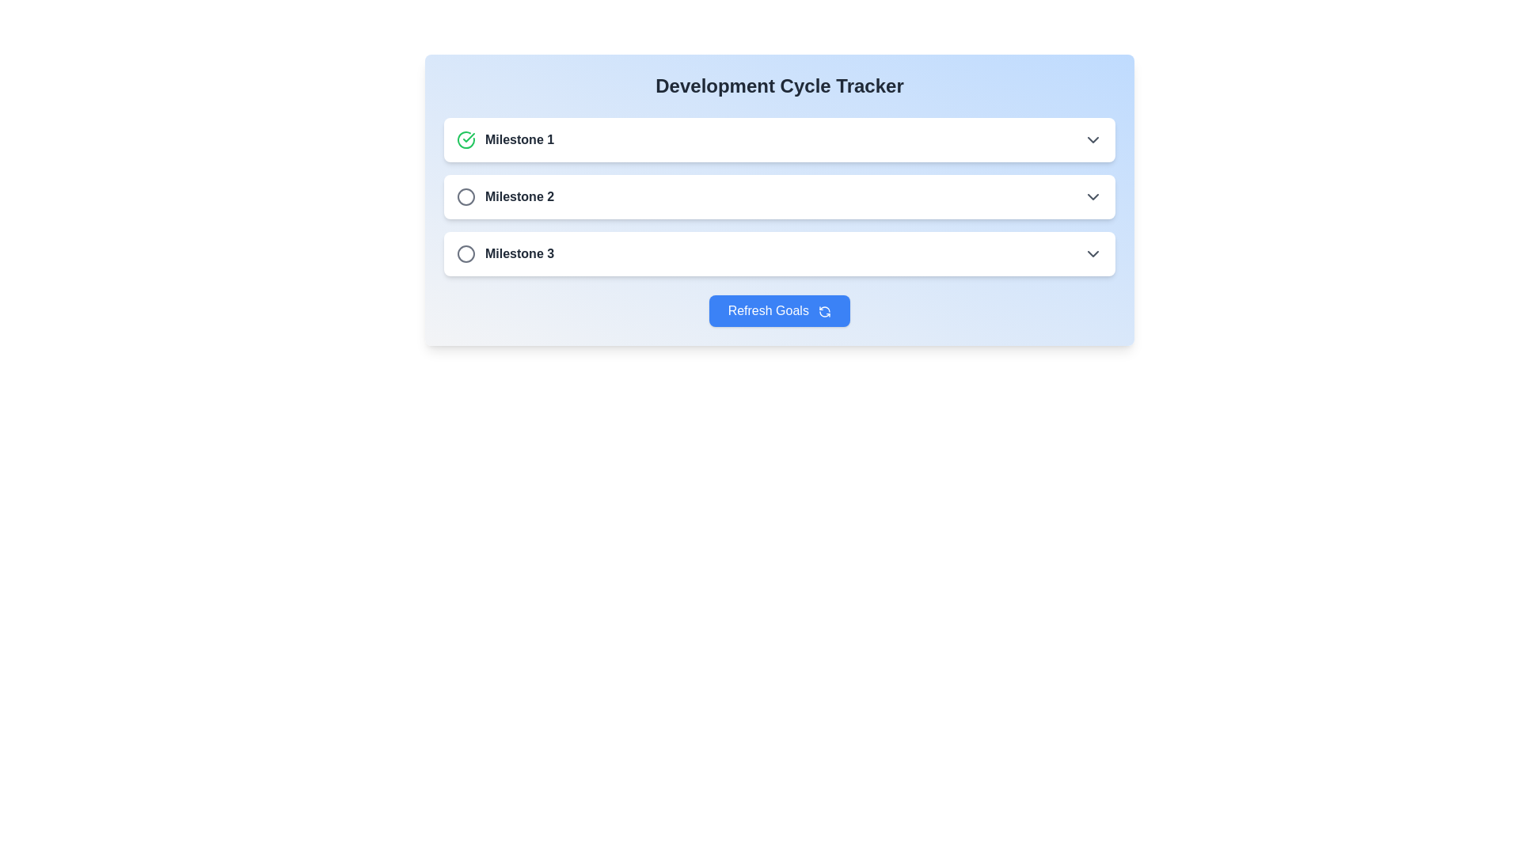 This screenshot has width=1520, height=855. I want to click on the list item with a dropdown representing 'Milestone 3' in the Development Cycle Tracker, so click(779, 253).